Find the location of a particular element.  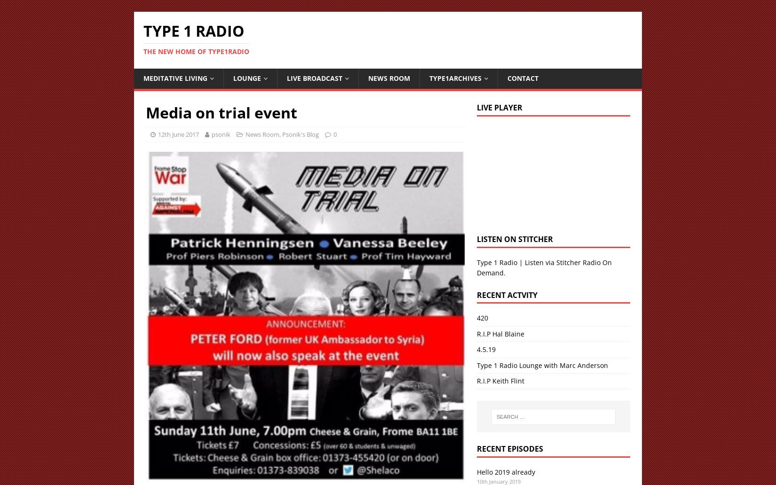

'Recent Actvity' is located at coordinates (507, 295).